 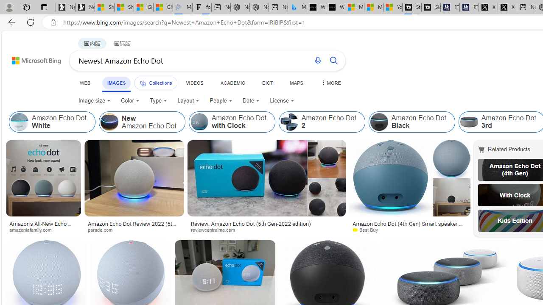 What do you see at coordinates (267, 83) in the screenshot?
I see `'DICT'` at bounding box center [267, 83].